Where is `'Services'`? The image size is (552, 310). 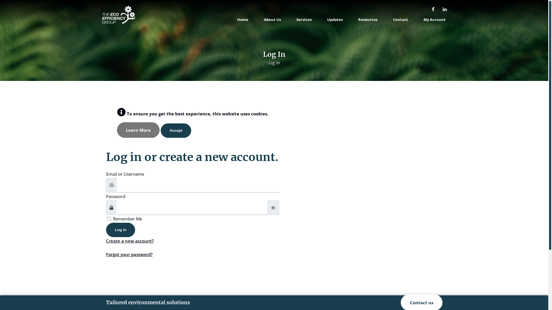
'Services' is located at coordinates (296, 22).